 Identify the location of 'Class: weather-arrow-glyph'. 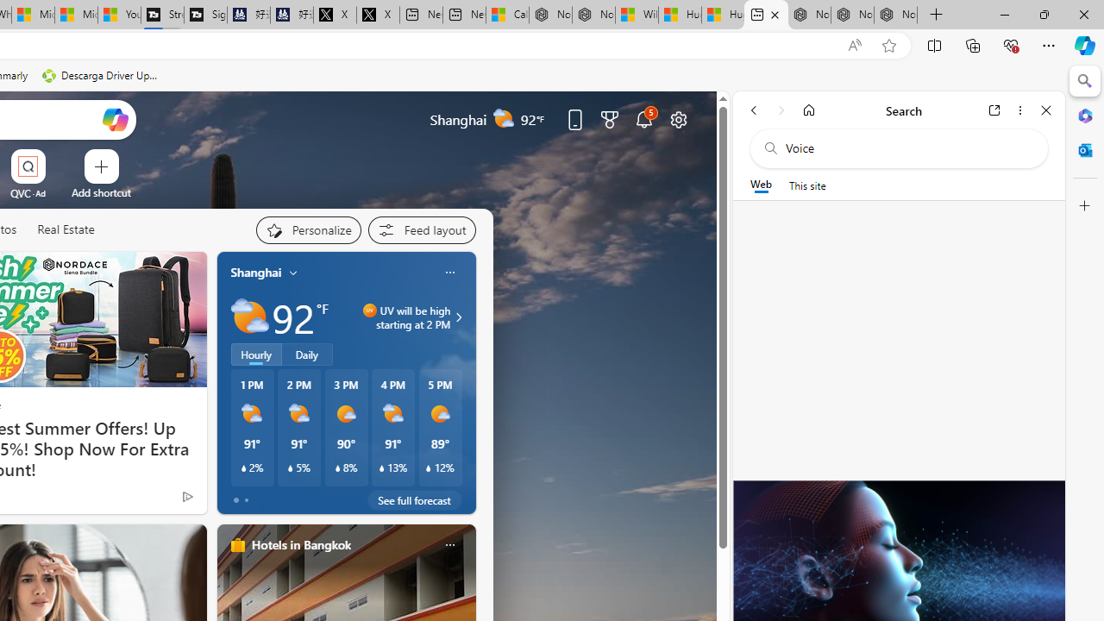
(458, 317).